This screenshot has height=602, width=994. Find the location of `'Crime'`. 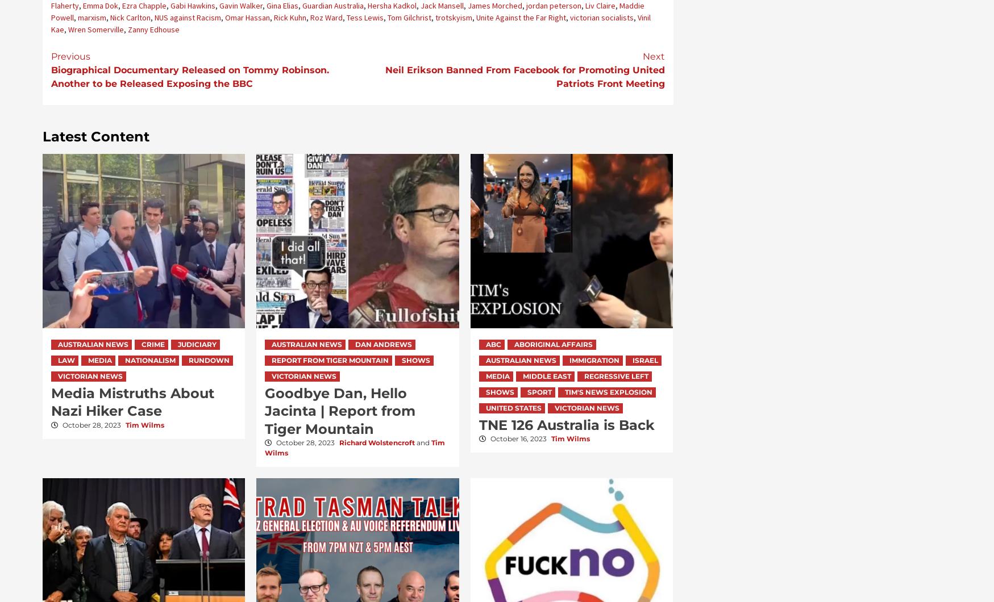

'Crime' is located at coordinates (141, 344).